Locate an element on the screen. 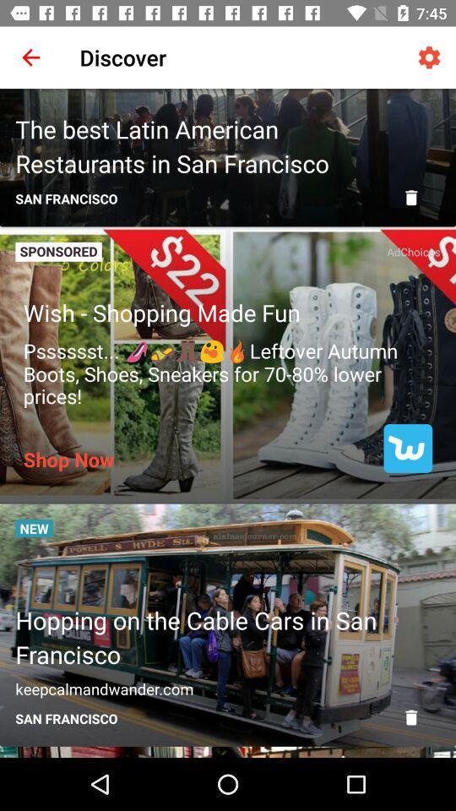 The image size is (456, 811). delete the item is located at coordinates (410, 198).